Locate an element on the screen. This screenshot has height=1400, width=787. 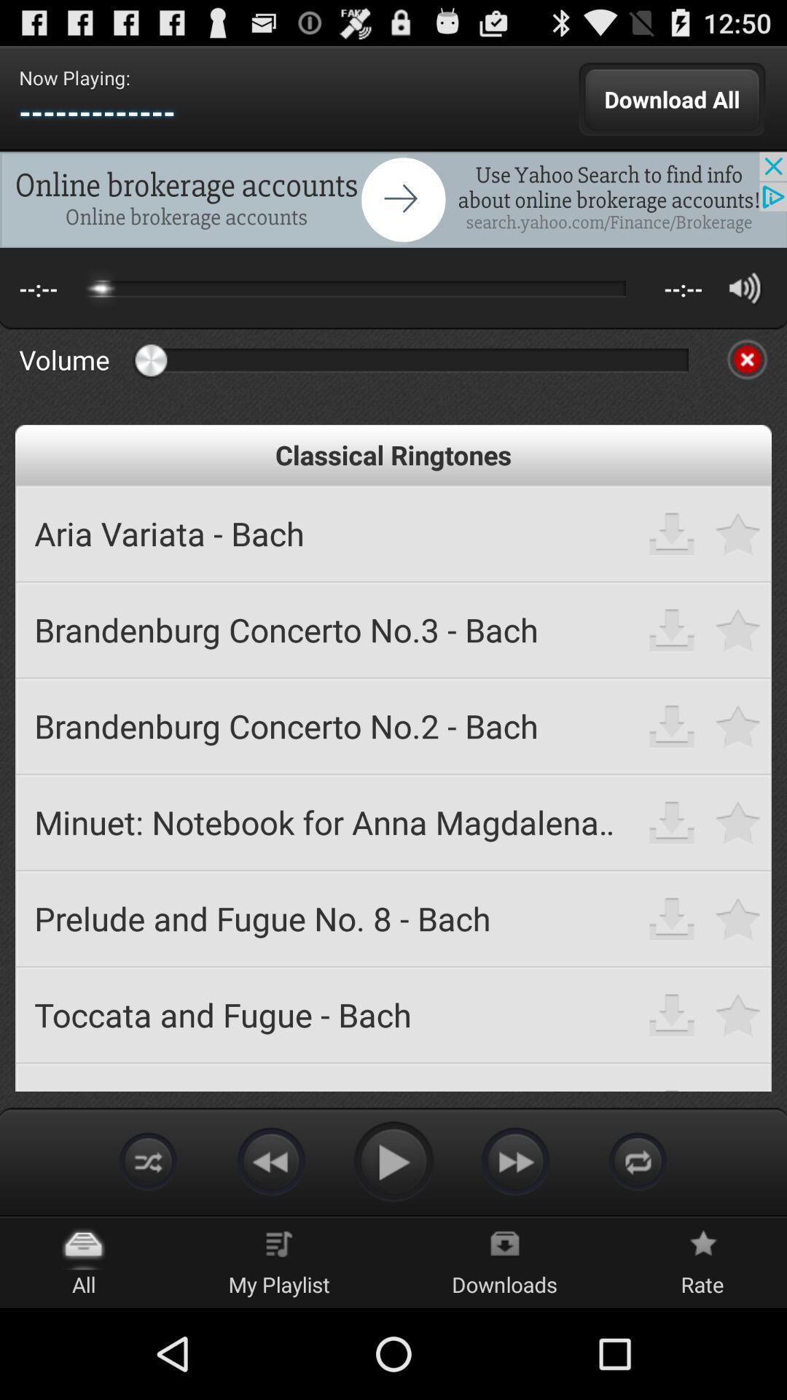
auto repeat is located at coordinates (149, 1160).